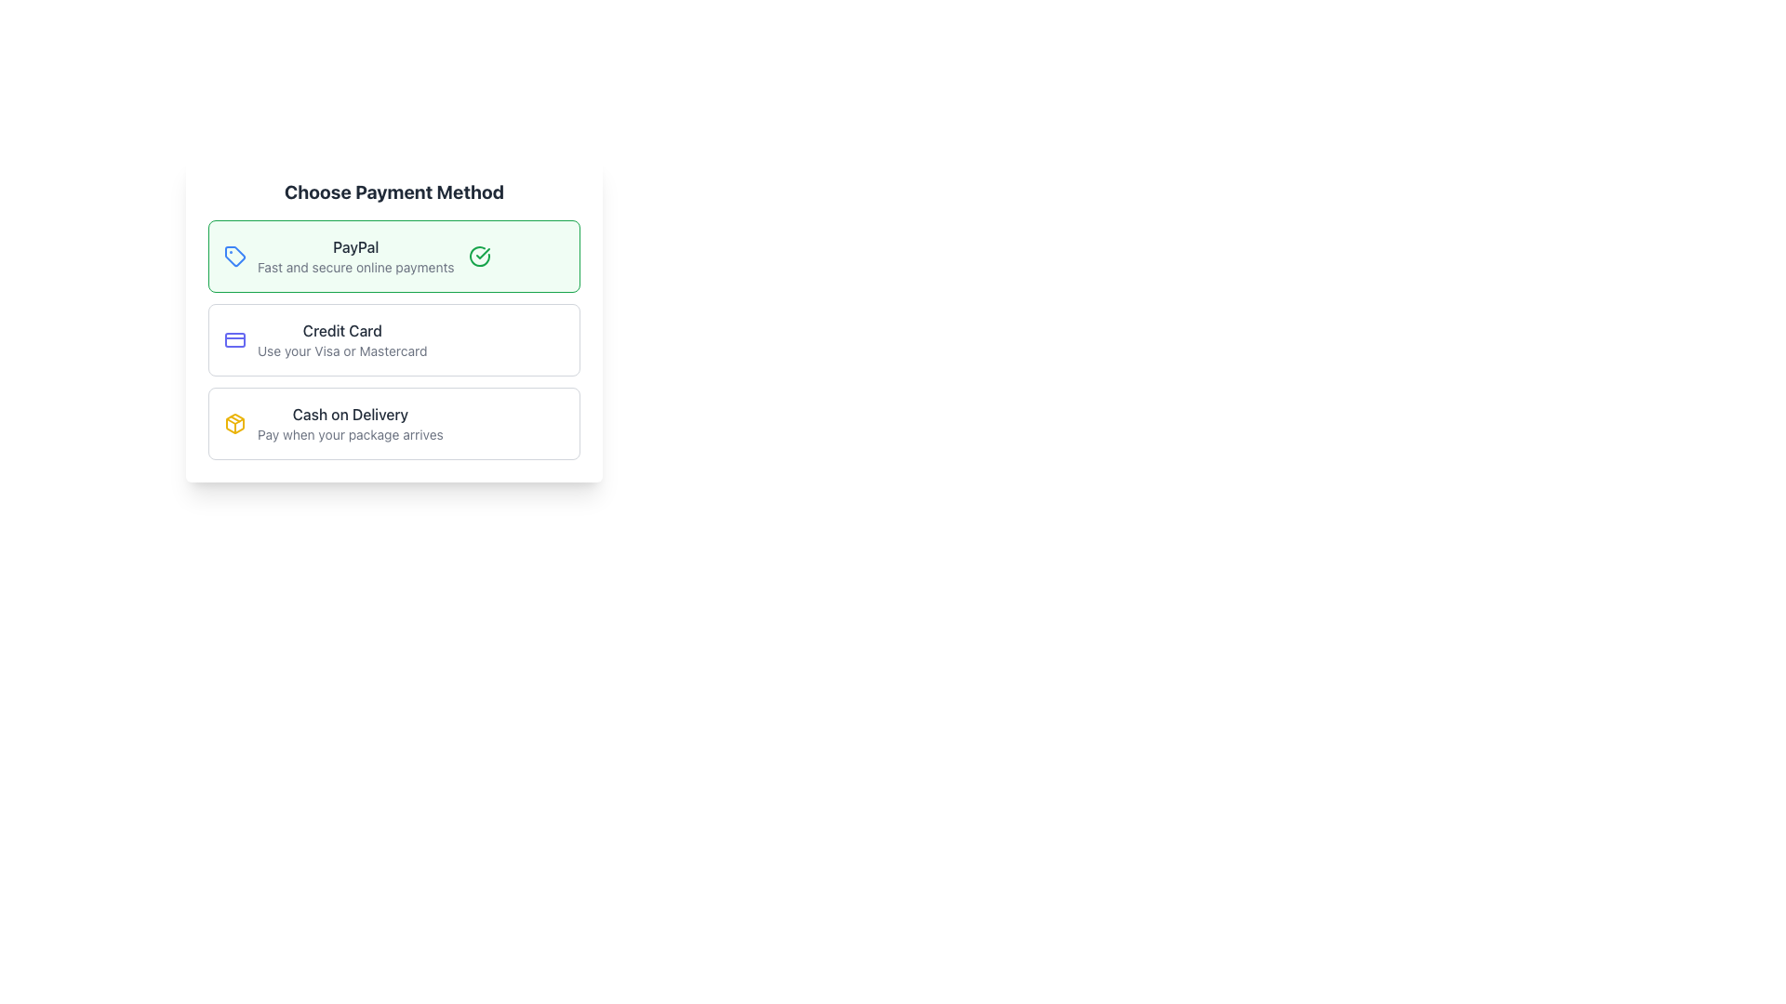 The width and height of the screenshot is (1786, 1004). What do you see at coordinates (234, 257) in the screenshot?
I see `the blue outlined tag icon located to the left of the 'PayPal' text within the green highlighted section for selecting the PayPal payment method` at bounding box center [234, 257].